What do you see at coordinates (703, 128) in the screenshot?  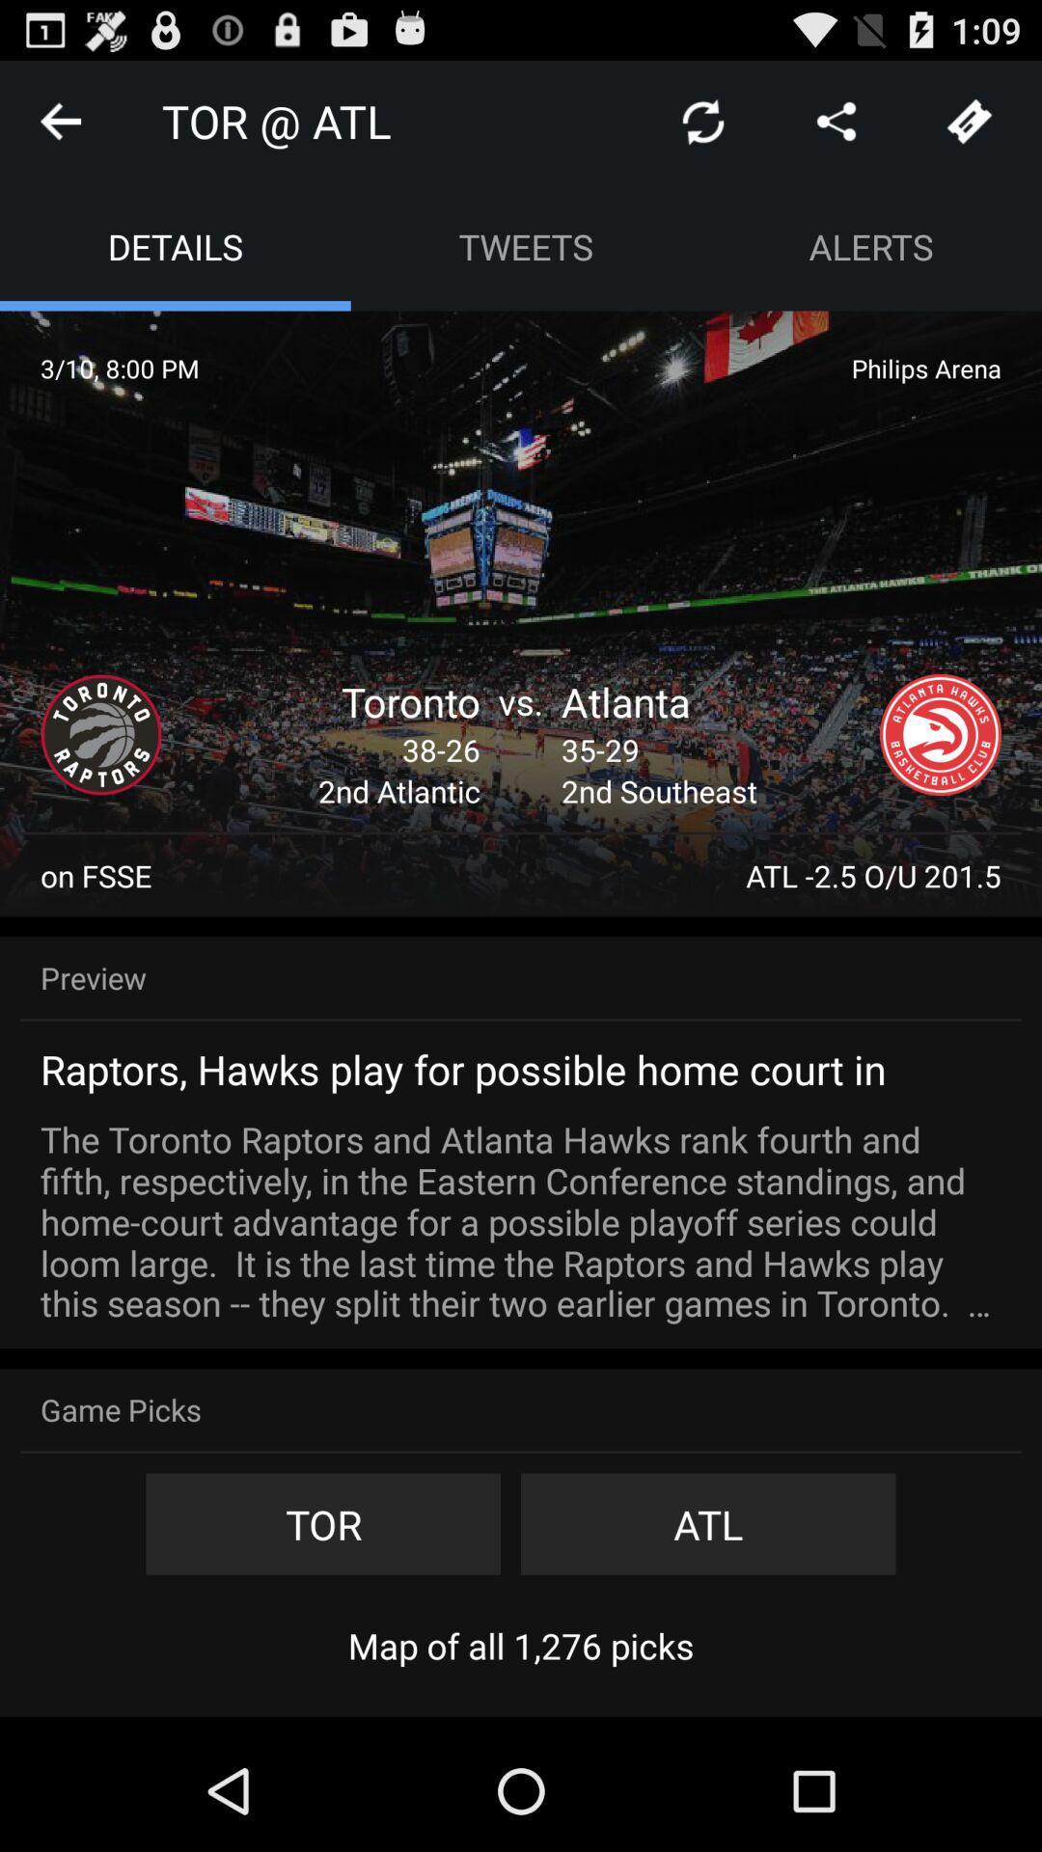 I see `the refresh icon` at bounding box center [703, 128].